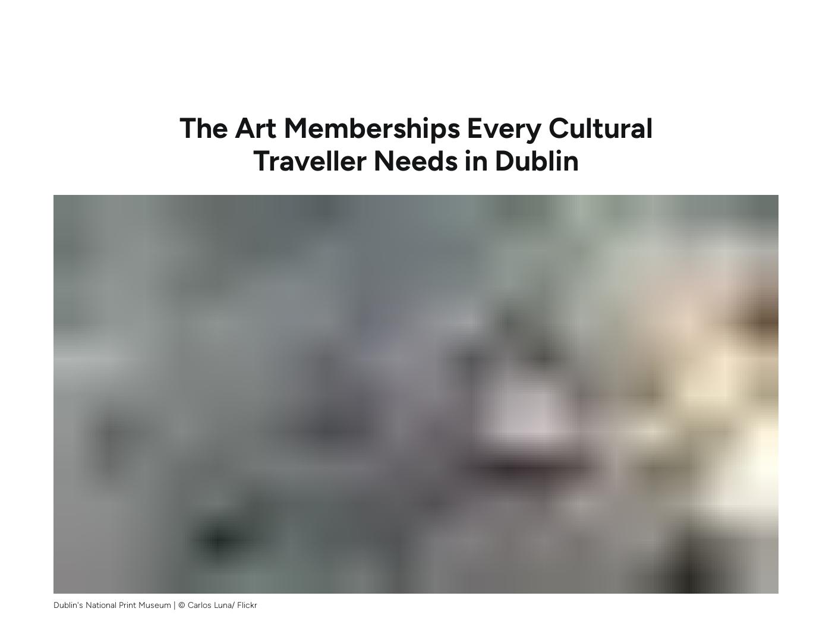 The height and width of the screenshot is (621, 832). I want to click on 'WHAT DESTINATION IS ON YOUR TRAVEL BUCKET-LIST?', so click(620, 231).